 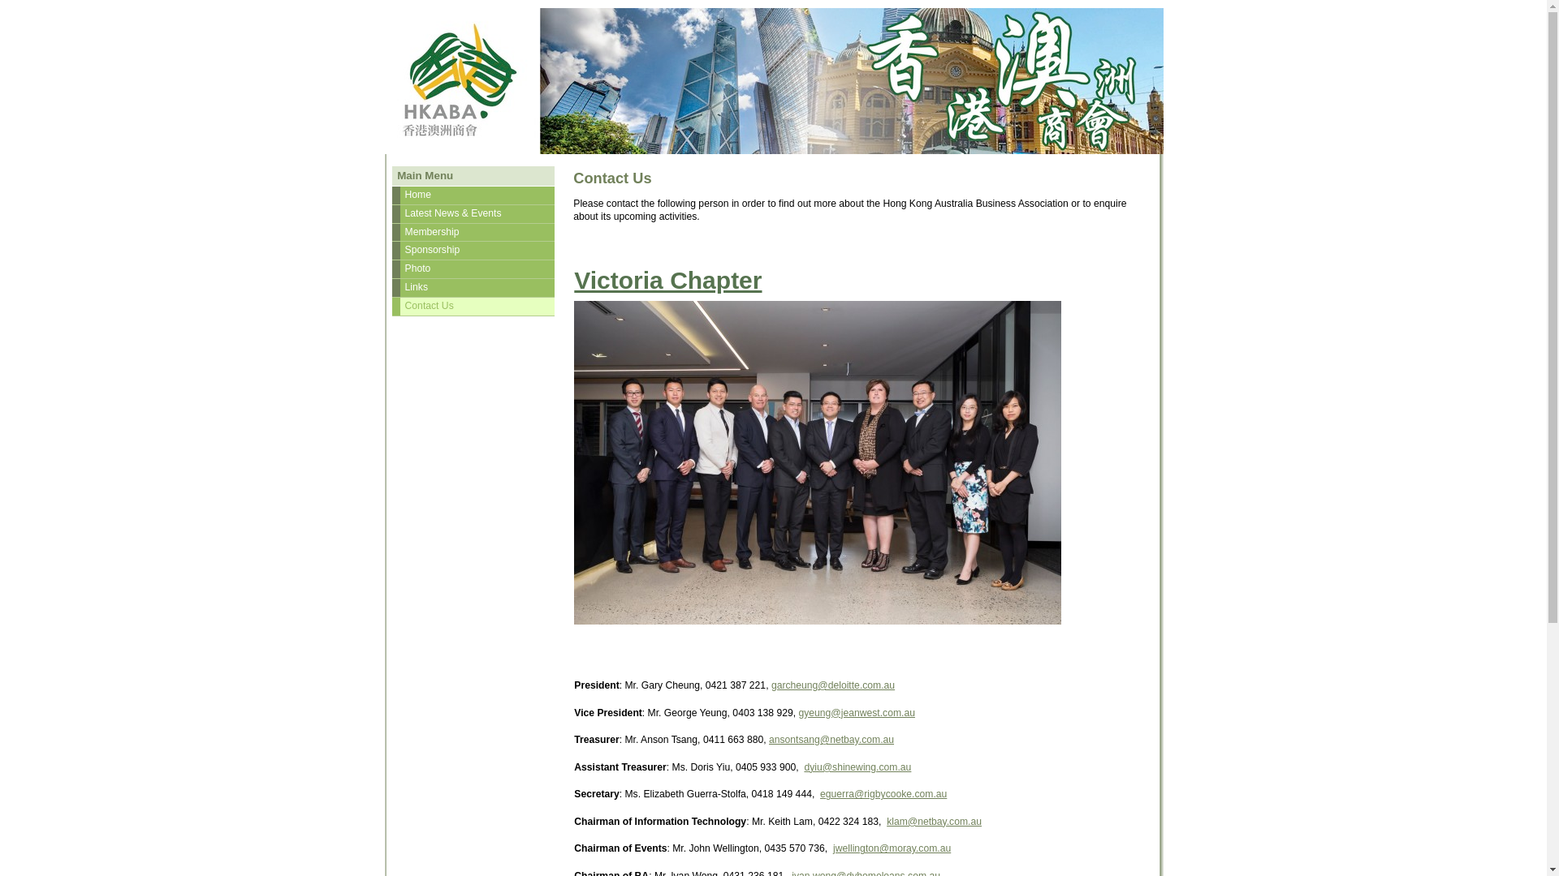 I want to click on 'jwellington@moray.com.au', so click(x=891, y=847).